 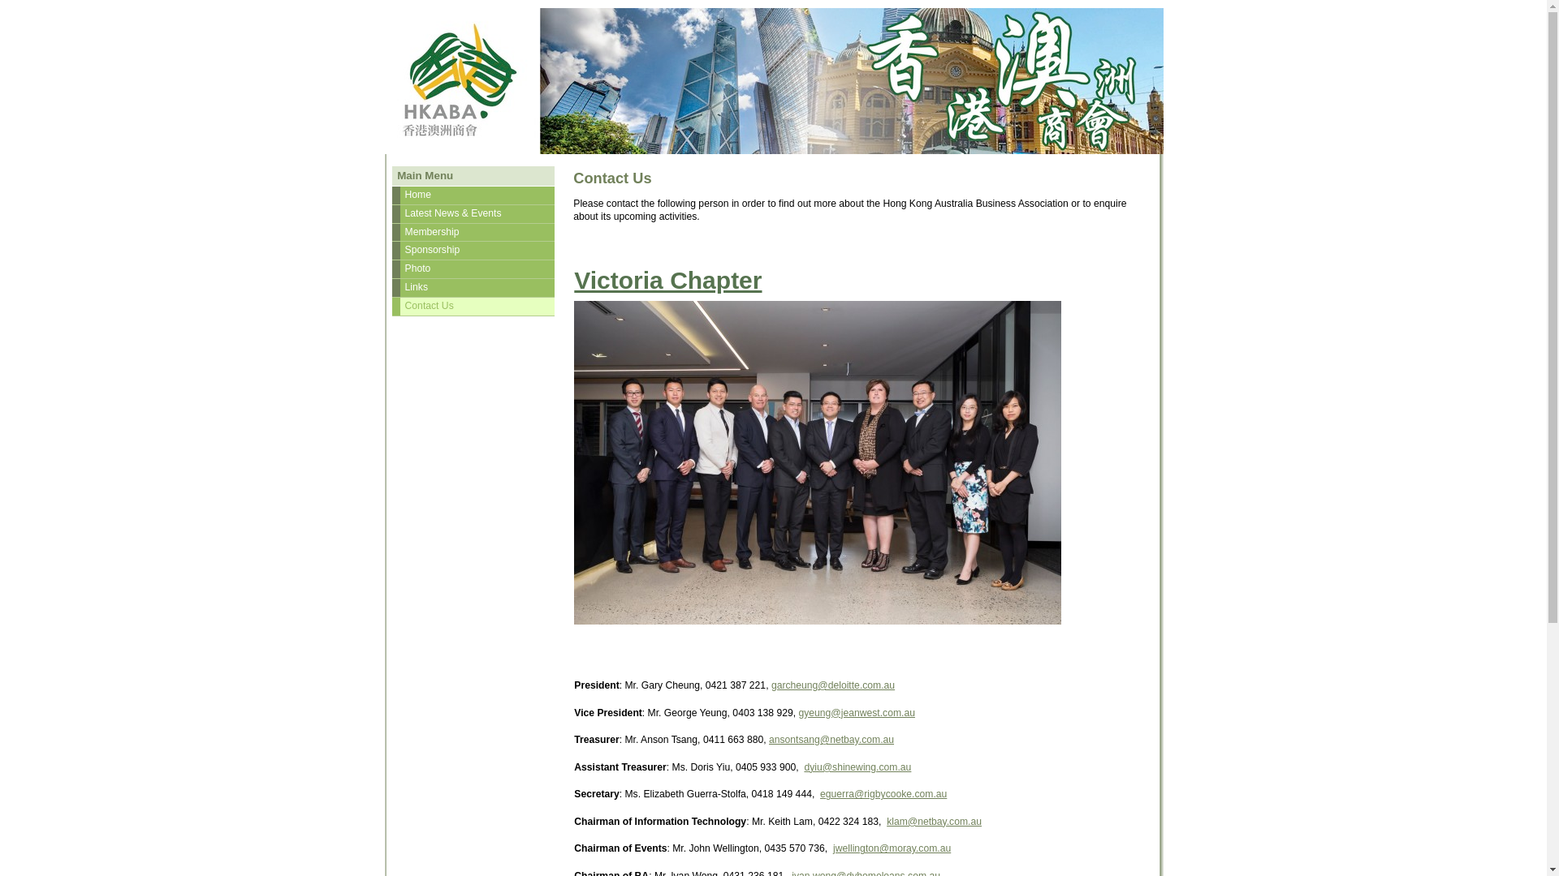 I want to click on 'jwellington@moray.com.au', so click(x=891, y=847).